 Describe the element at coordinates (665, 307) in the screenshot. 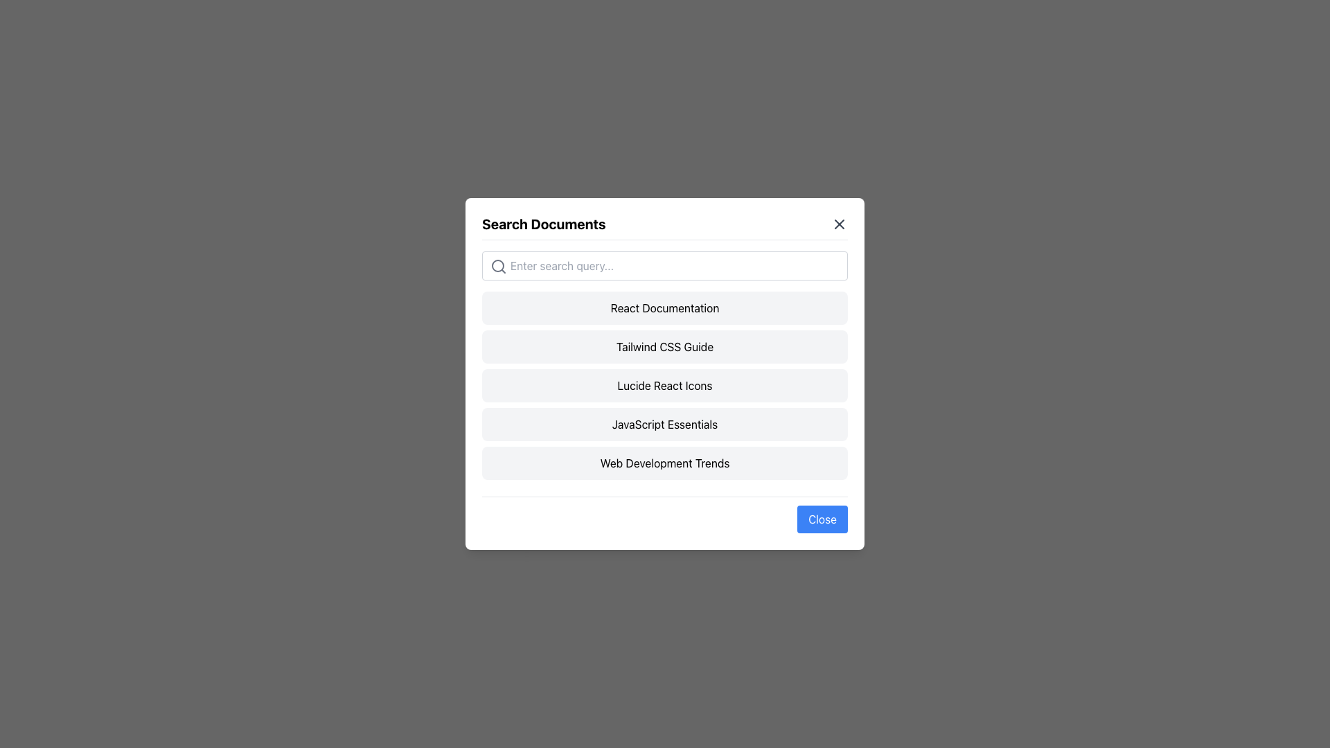

I see `the 'React Documentation' button, which is a horizontally rectangular button with rounded corners, light gray background, and centered black text. It is the first button in a vertically stacked list, positioned below a 'Search Documents' input box` at that location.